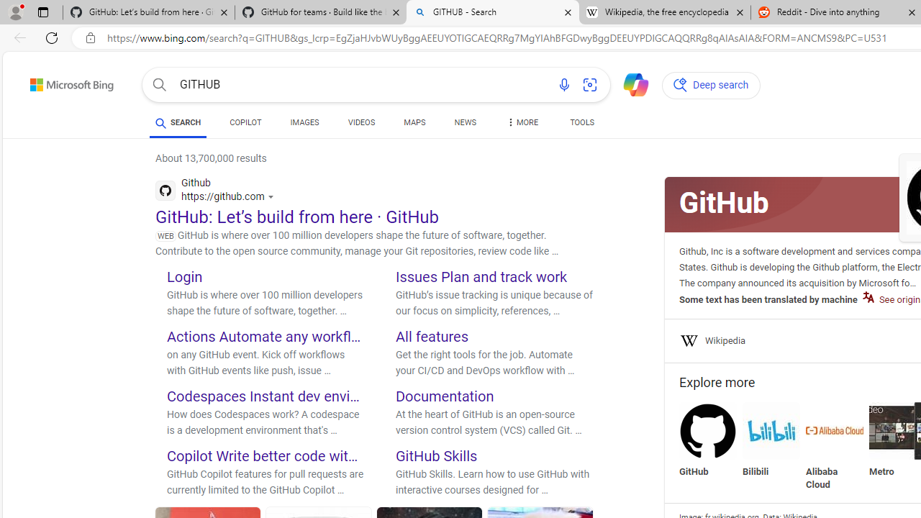 The height and width of the screenshot is (518, 921). I want to click on 'Explore more Alibaba Cloud', so click(835, 446).